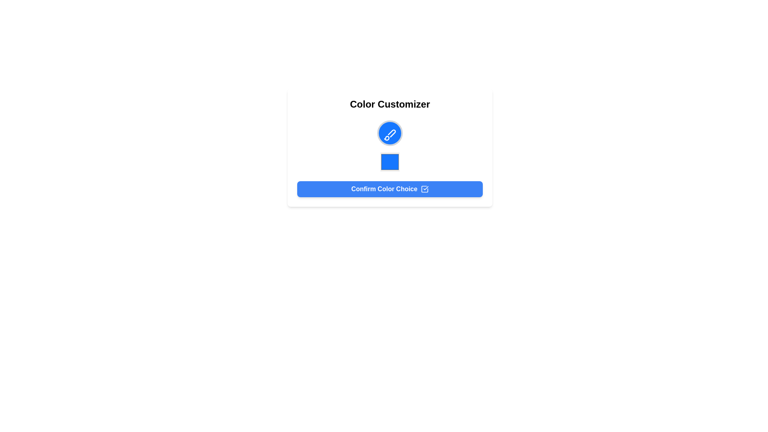  Describe the element at coordinates (390, 132) in the screenshot. I see `the circular icon with a blue background and white border that features a stylized brush graphic at the center, positioned at the top center of the vertical list` at that location.